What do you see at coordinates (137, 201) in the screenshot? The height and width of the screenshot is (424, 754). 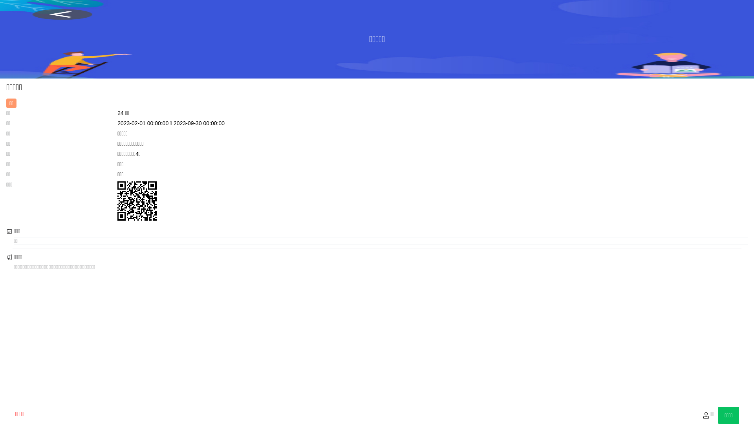 I see `'http://wztq.cc/show/155'` at bounding box center [137, 201].